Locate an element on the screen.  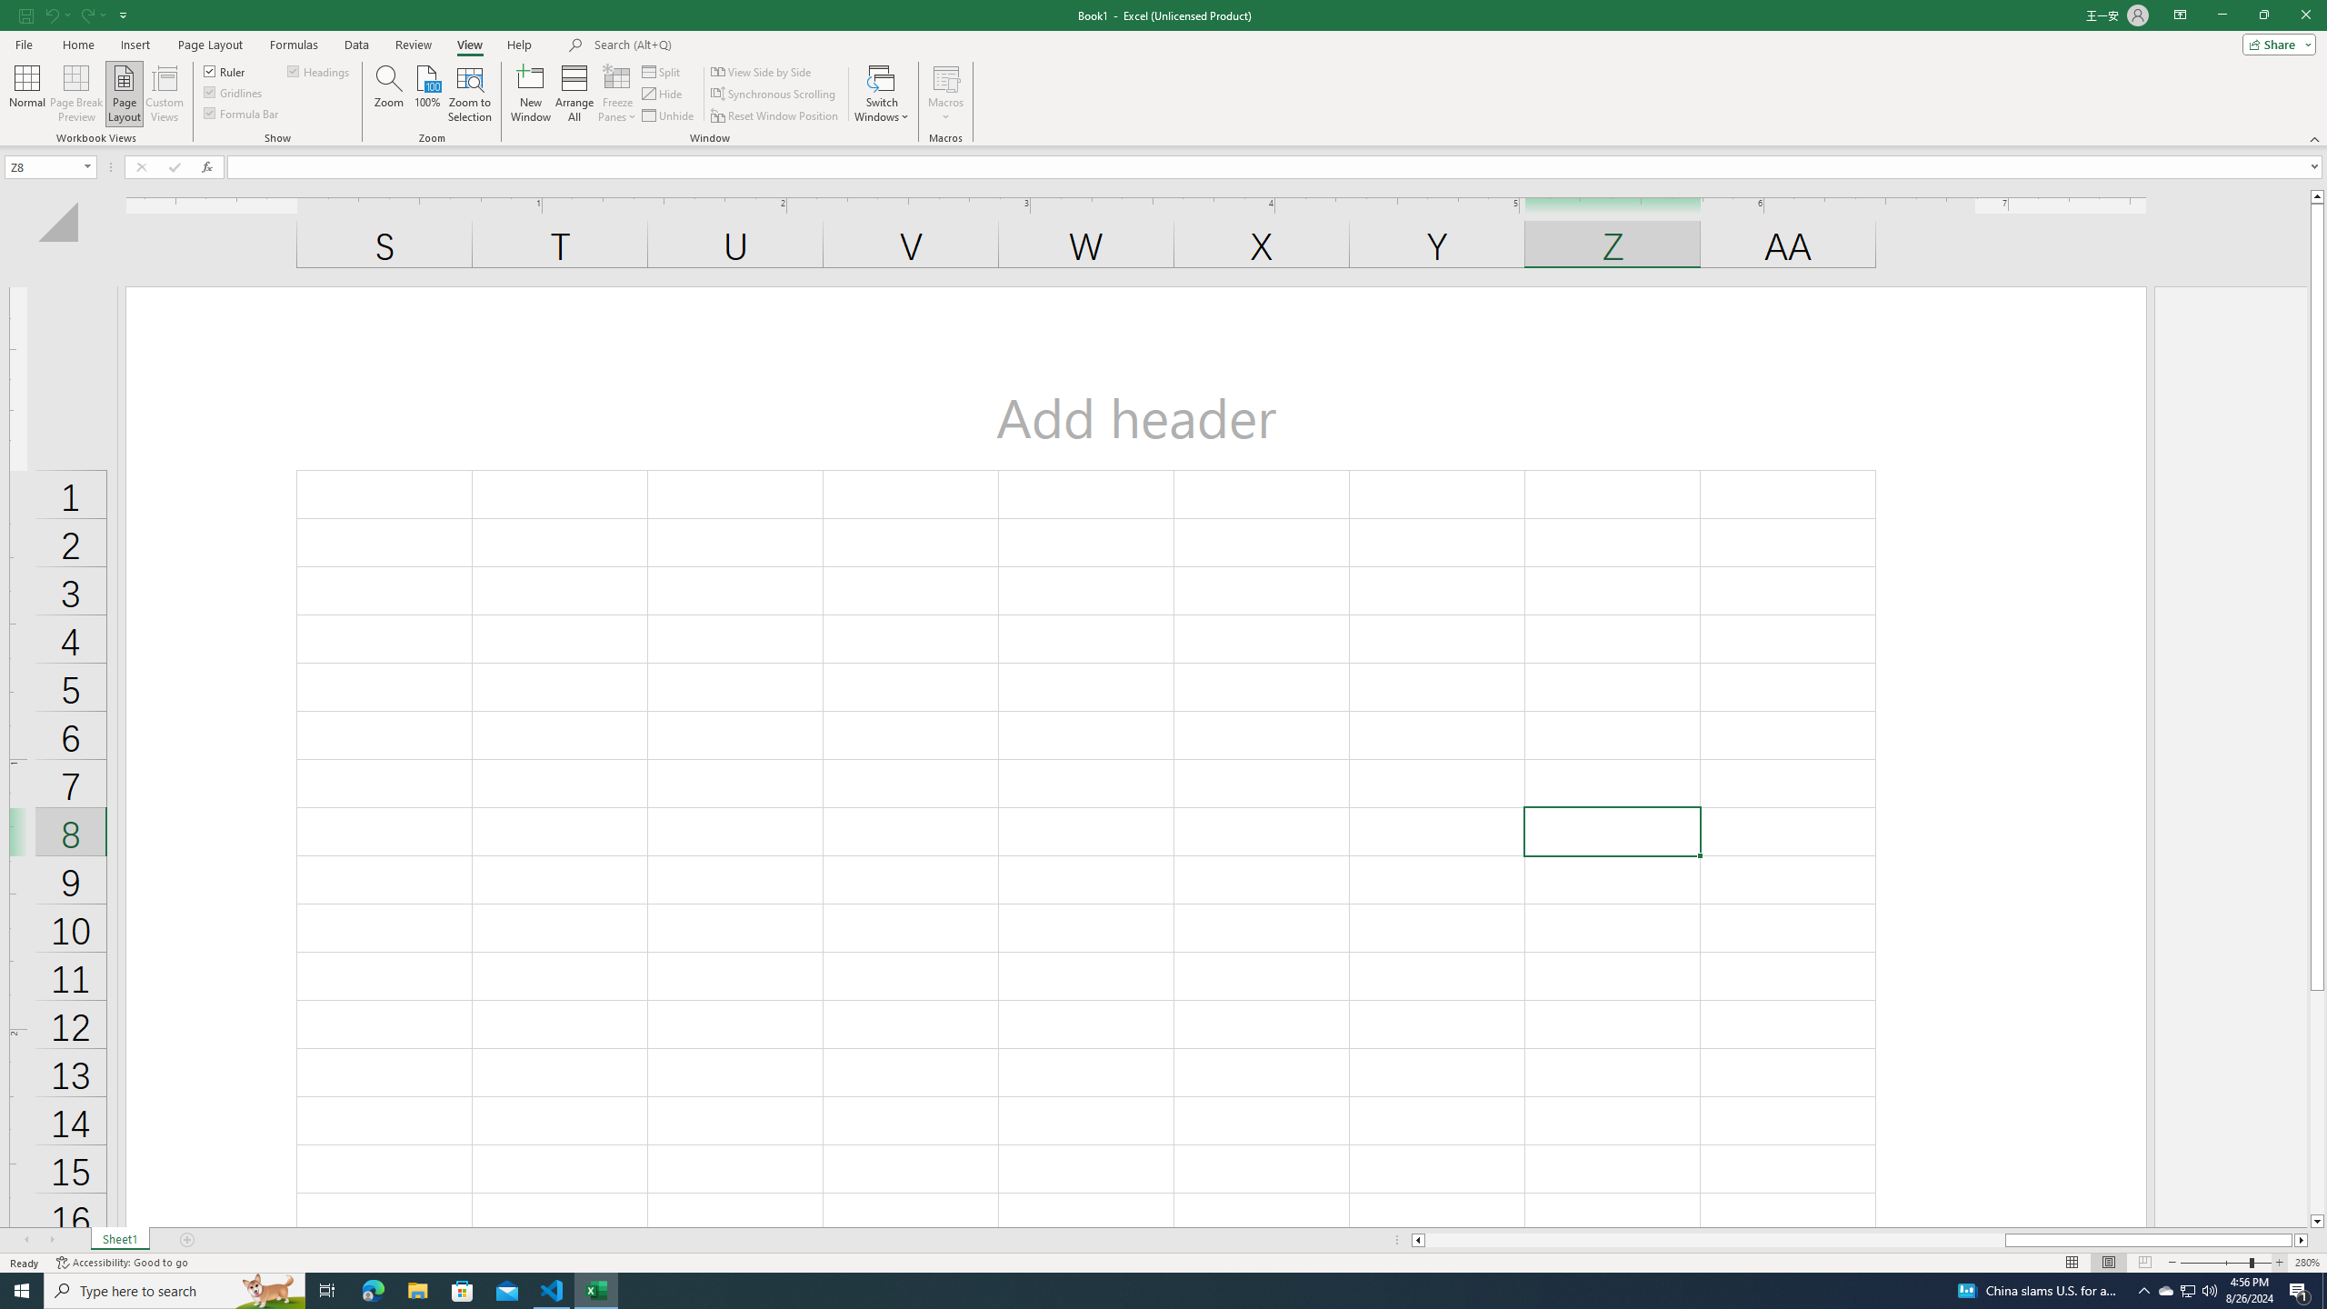
'Split' is located at coordinates (663, 71).